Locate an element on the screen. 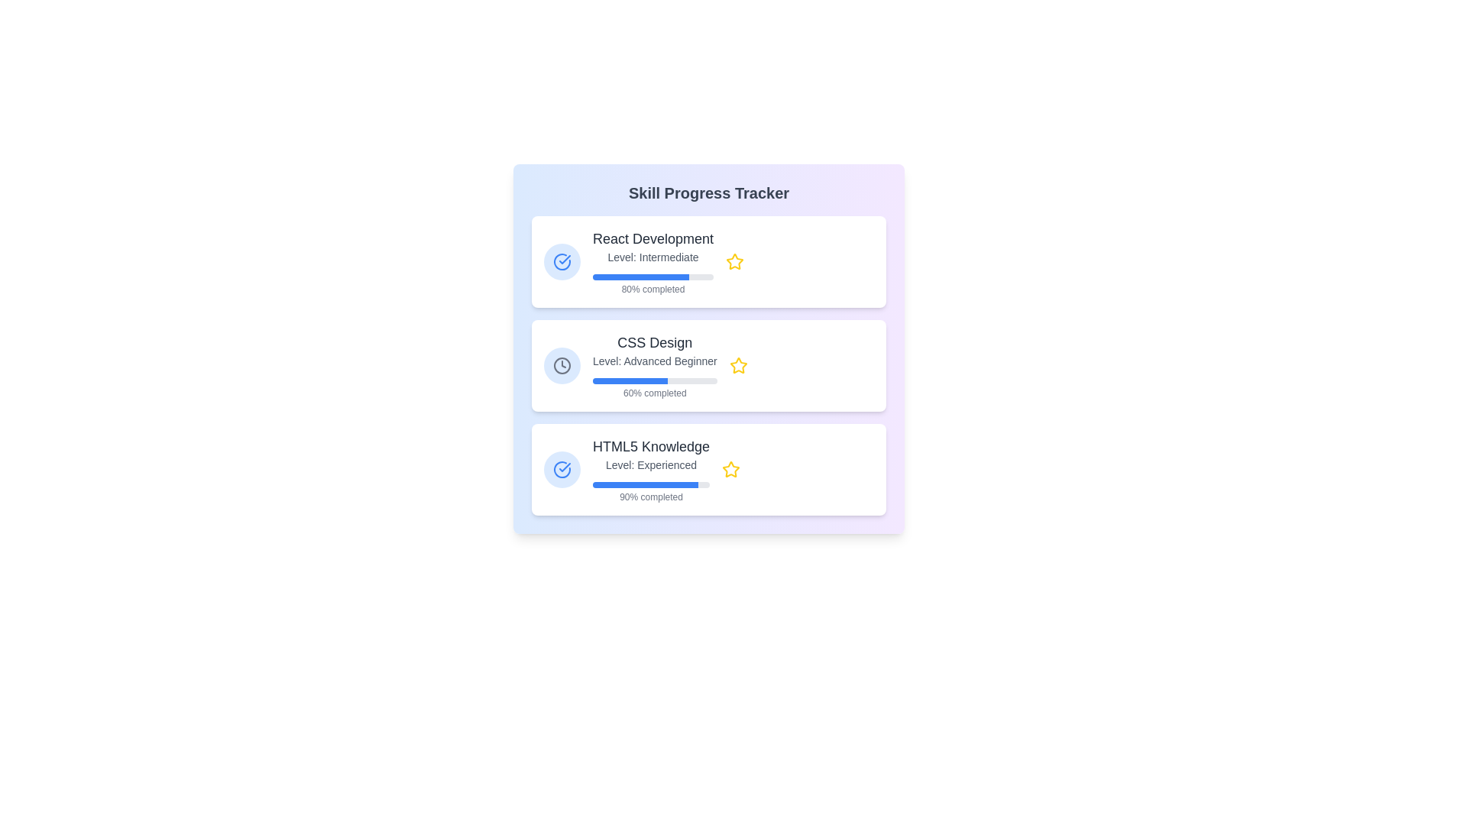 This screenshot has width=1467, height=825. the circular icon with a light blue background and a blue checkmark symbol located at the top left corner of the 'HTML5 Knowledge' section, next to the descriptive text and above the progress bar is located at coordinates (561, 468).